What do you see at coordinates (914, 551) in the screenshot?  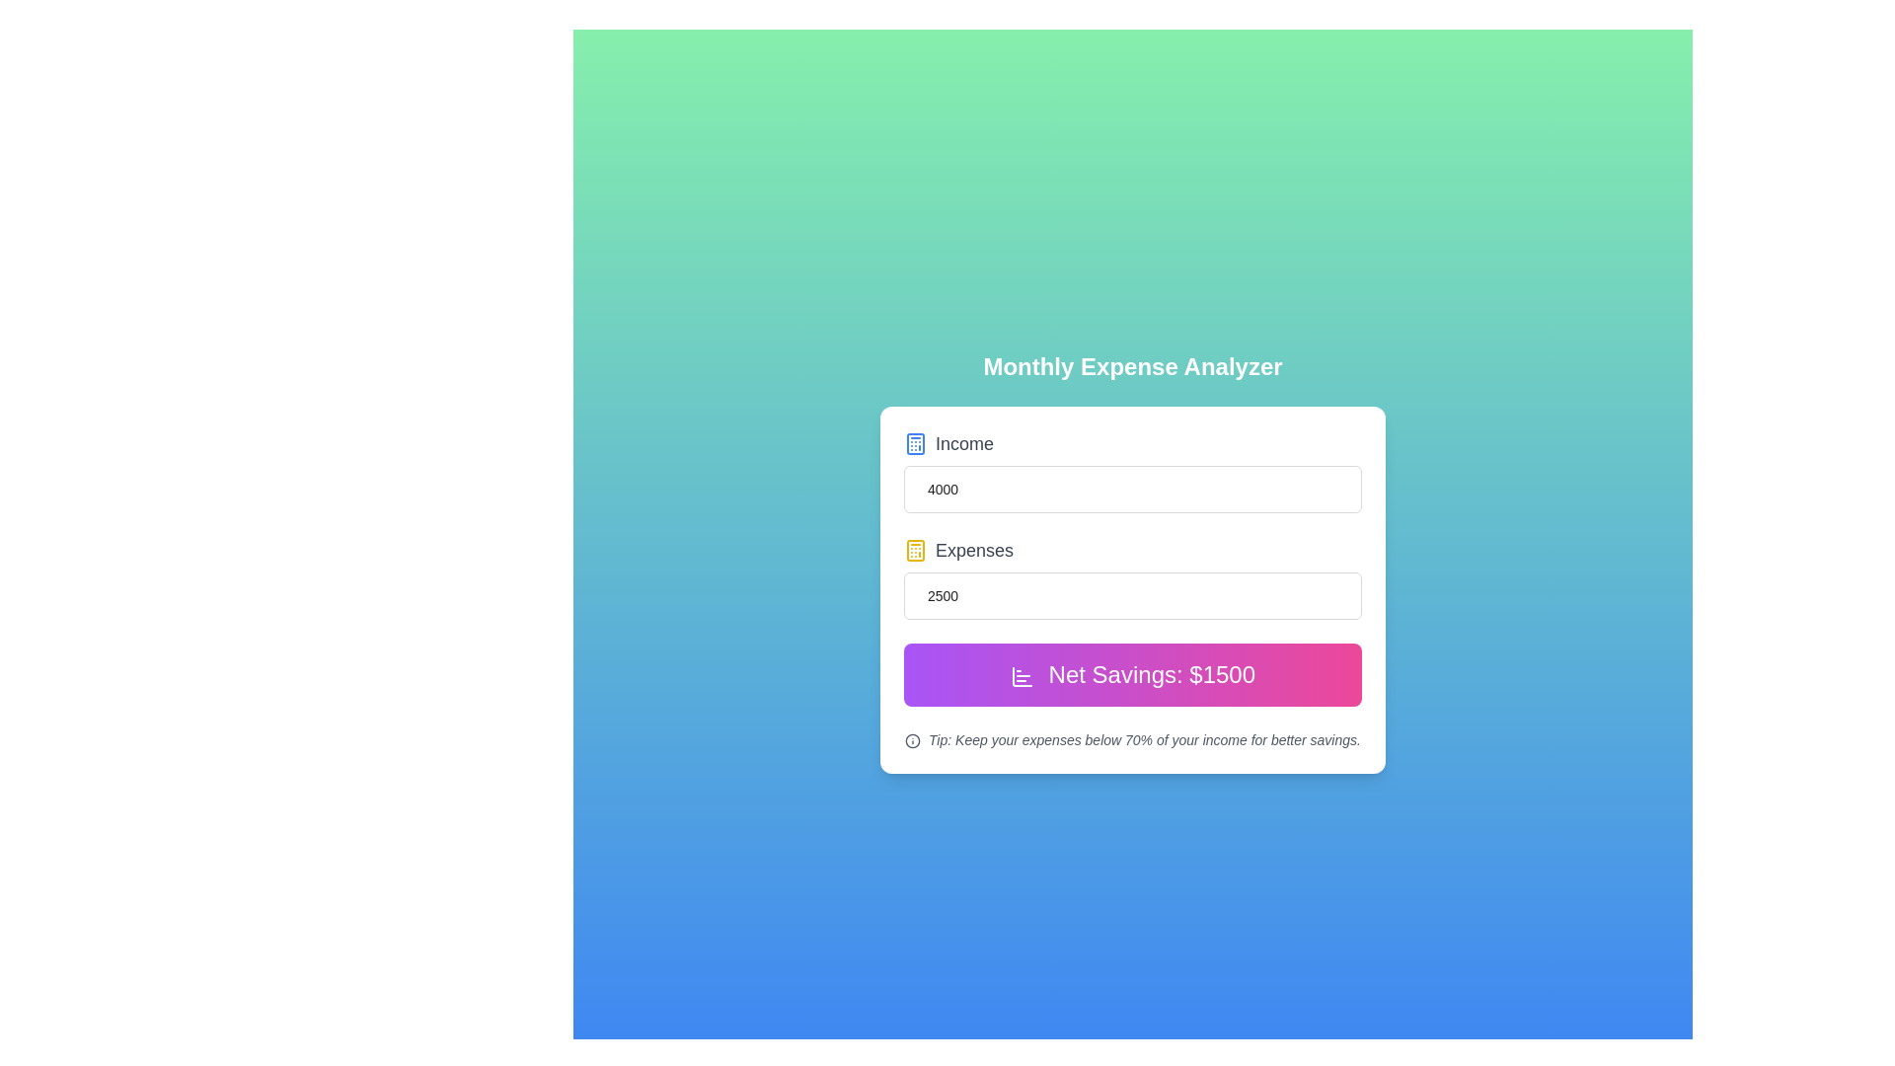 I see `the expense-related icon located directly to the left of the 'Expenses' label within the form interface` at bounding box center [914, 551].